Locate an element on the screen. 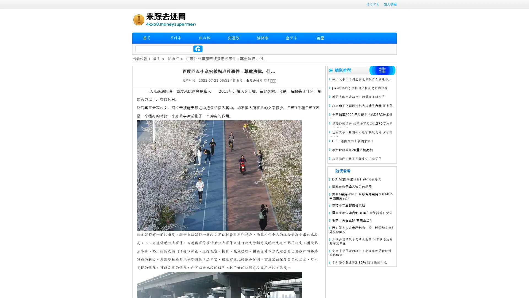 Image resolution: width=529 pixels, height=298 pixels. Search is located at coordinates (198, 49).